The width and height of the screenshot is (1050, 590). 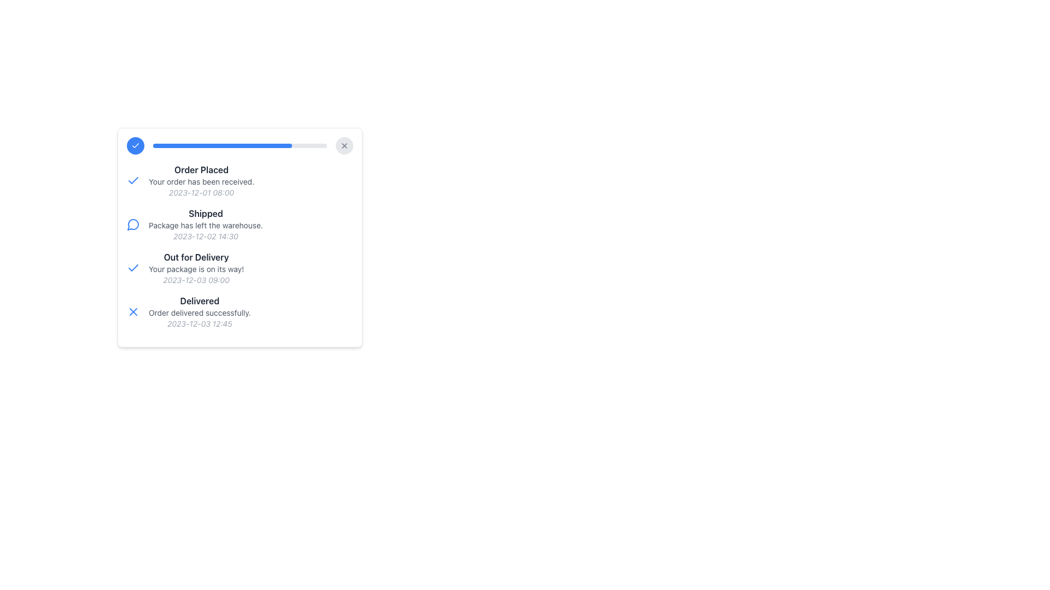 What do you see at coordinates (201, 181) in the screenshot?
I see `status text label that provides additional details about the 'Order Placed' stage of the order tracking interface, positioned below the heading 'Order Placed'` at bounding box center [201, 181].